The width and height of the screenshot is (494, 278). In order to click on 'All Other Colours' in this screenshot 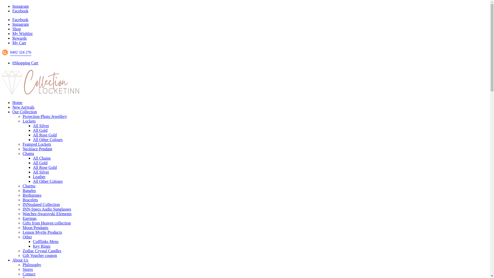, I will do `click(48, 181)`.